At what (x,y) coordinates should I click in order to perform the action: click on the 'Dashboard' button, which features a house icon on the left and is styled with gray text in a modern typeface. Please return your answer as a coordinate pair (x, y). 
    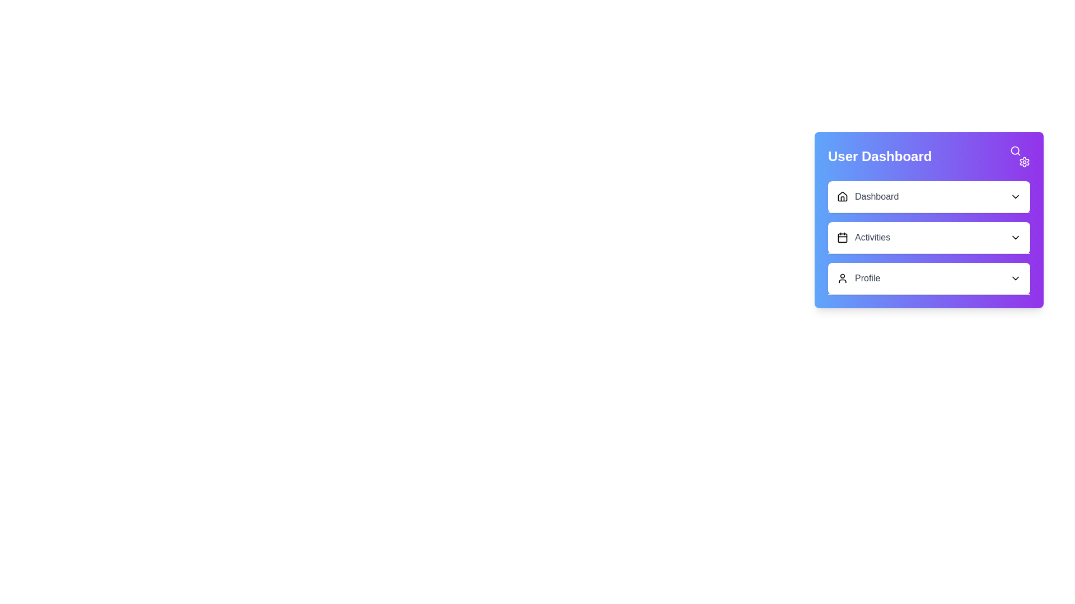
    Looking at the image, I should click on (867, 196).